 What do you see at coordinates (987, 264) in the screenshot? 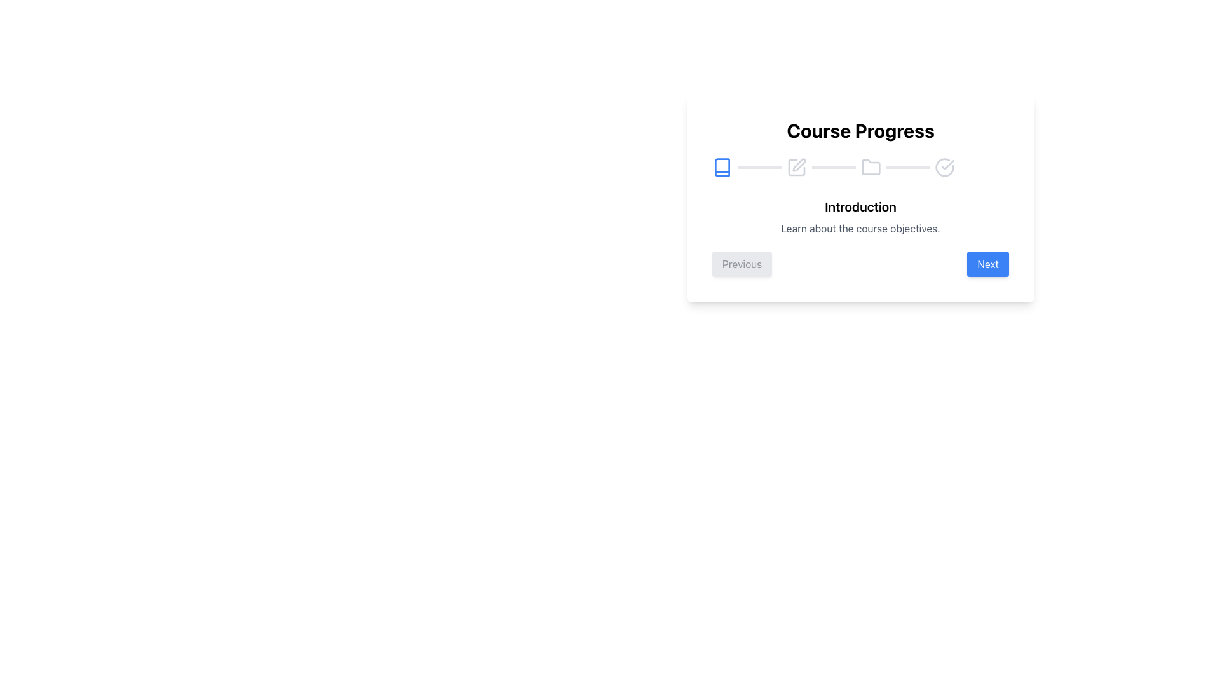
I see `the 'Next' button located in the bottom-right area of the modal window to change its color` at bounding box center [987, 264].